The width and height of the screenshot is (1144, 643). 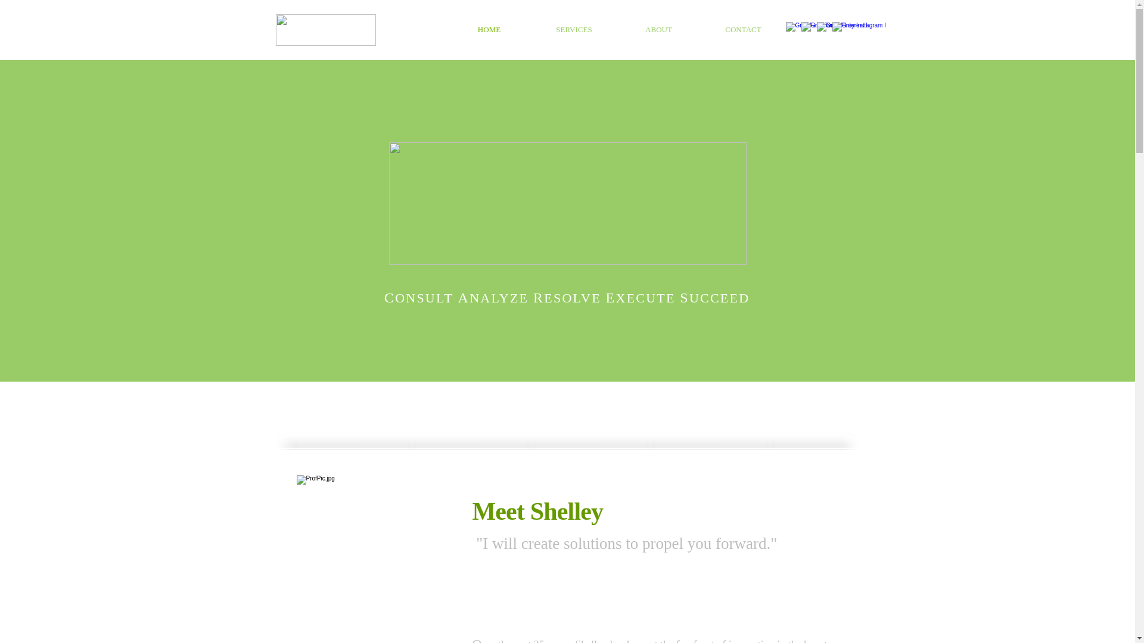 I want to click on 'SERVICES', so click(x=574, y=29).